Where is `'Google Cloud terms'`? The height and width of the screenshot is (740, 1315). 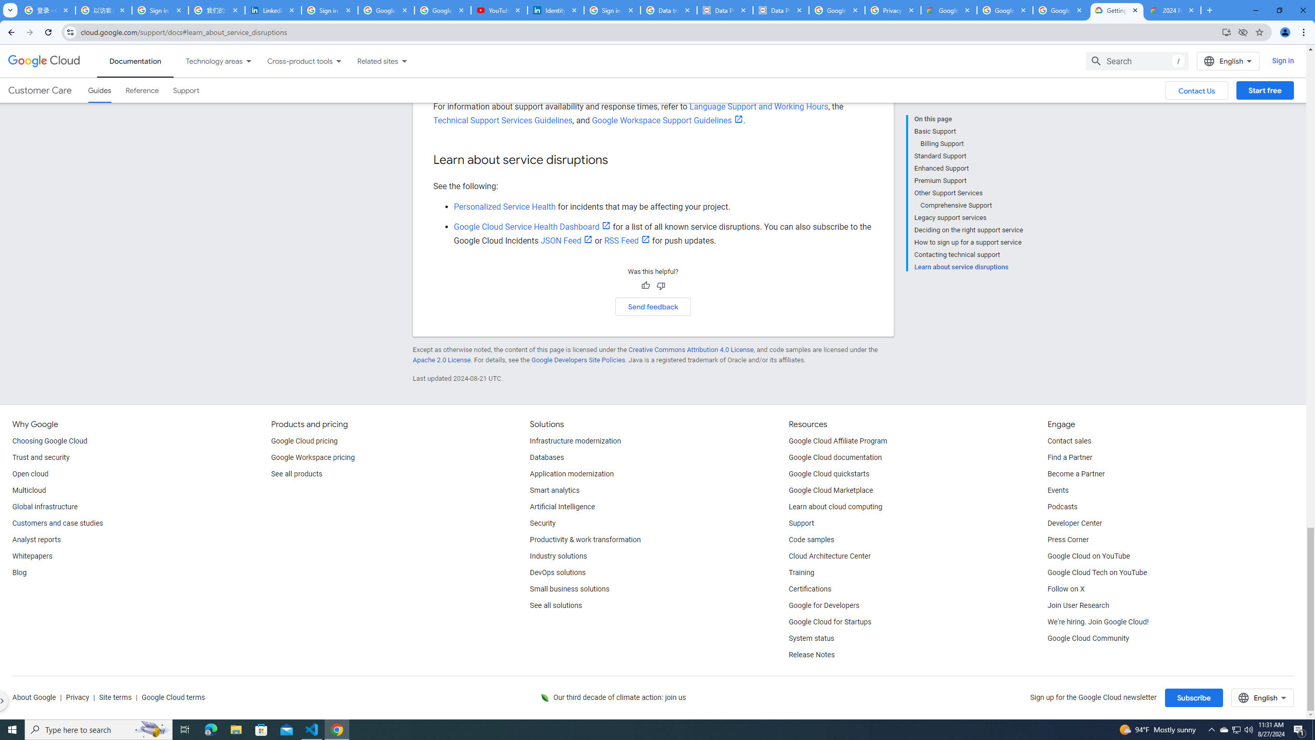 'Google Cloud terms' is located at coordinates (172, 697).